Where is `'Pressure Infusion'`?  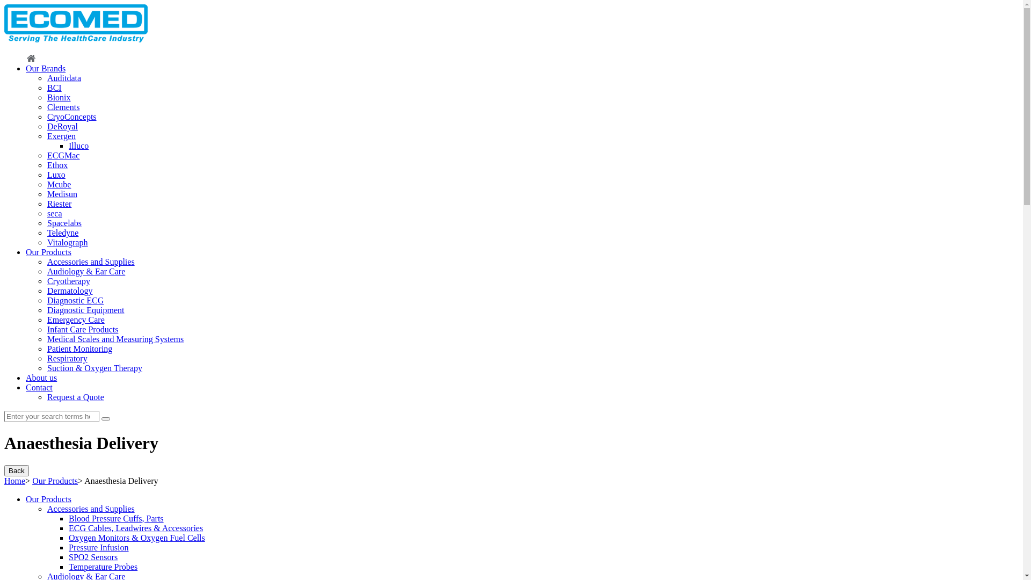 'Pressure Infusion' is located at coordinates (68, 547).